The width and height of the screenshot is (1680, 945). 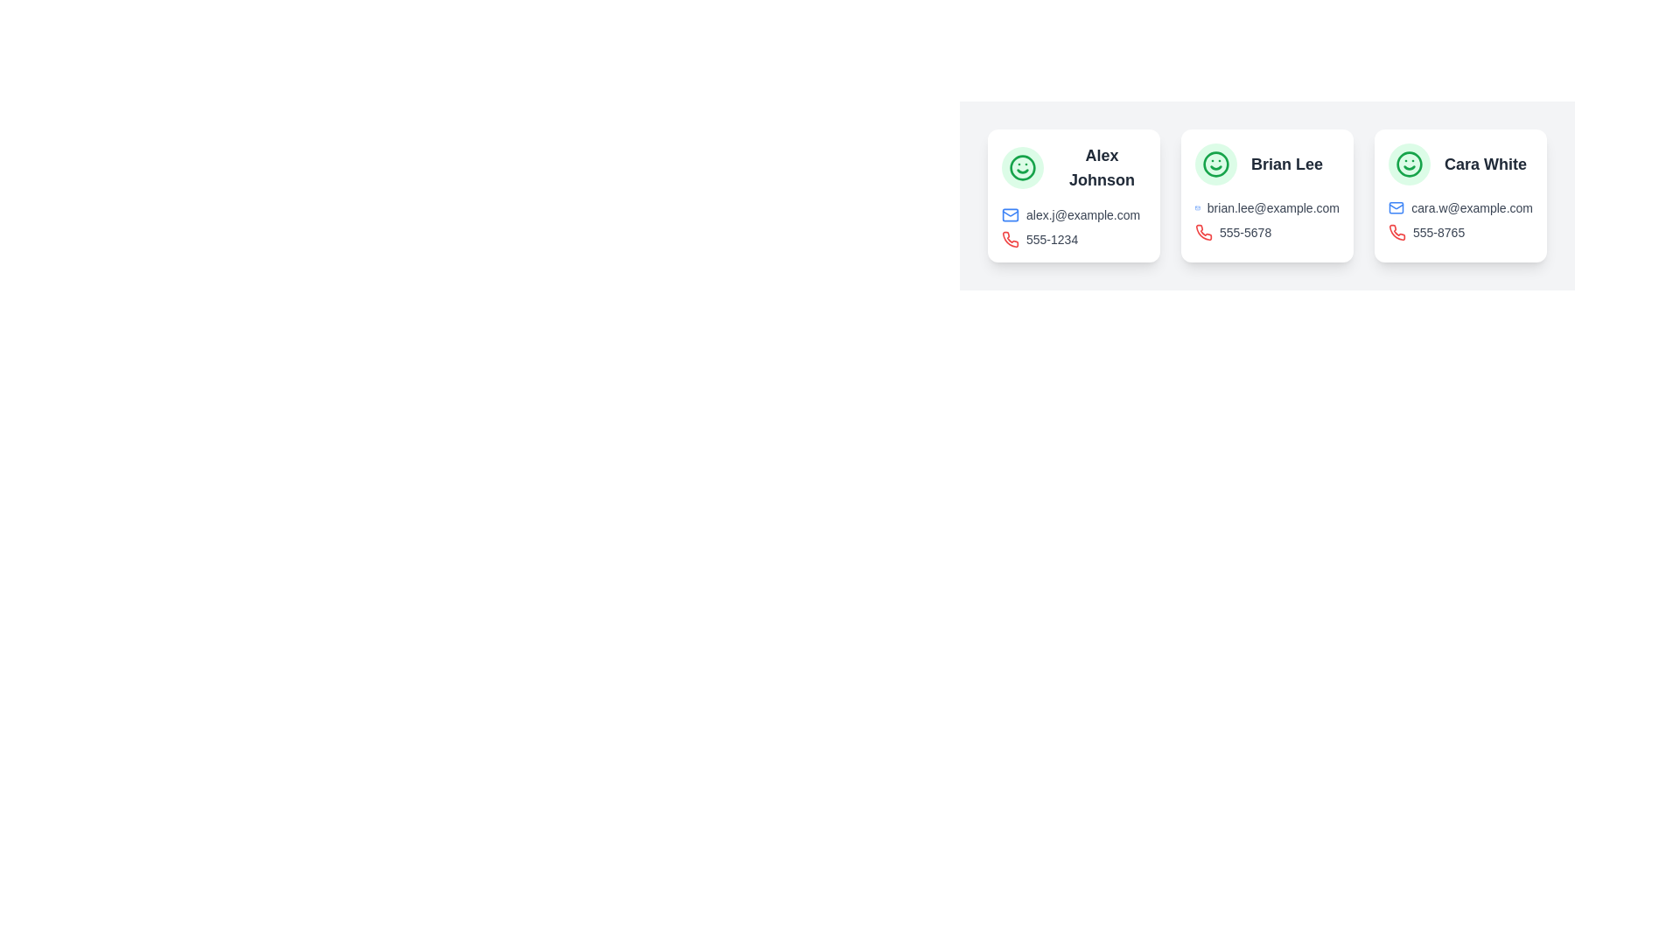 What do you see at coordinates (1471, 207) in the screenshot?
I see `the static textual label displaying the email address for 'Cara White', which is positioned in the middle of the third card in the row, adjacent to an envelope icon` at bounding box center [1471, 207].